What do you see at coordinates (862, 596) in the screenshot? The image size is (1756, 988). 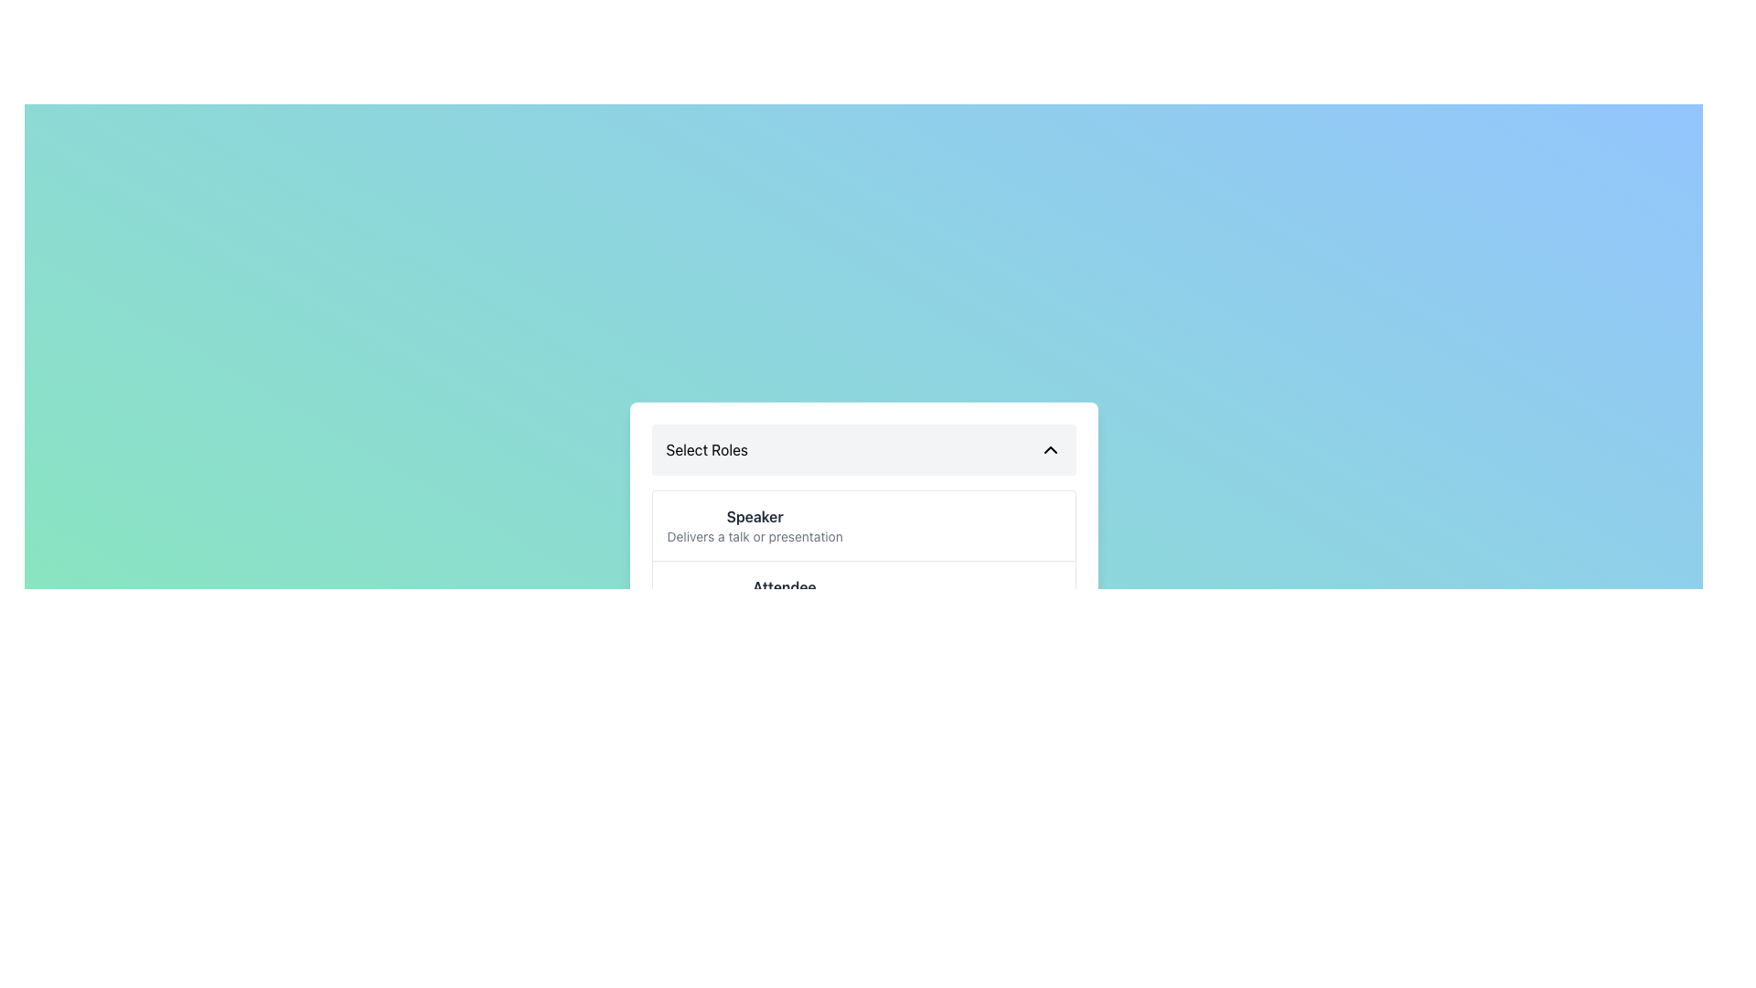 I see `the second item in the dropdown panel titled 'Select Roles'` at bounding box center [862, 596].